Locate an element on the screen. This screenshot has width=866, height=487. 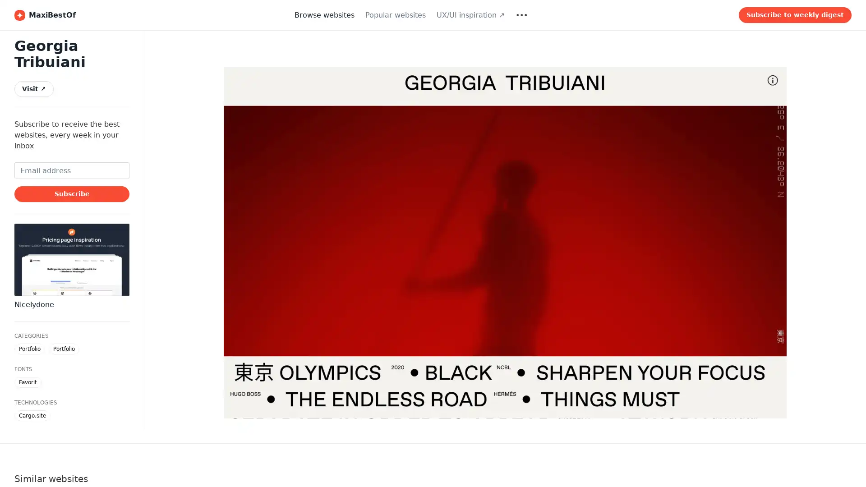
Subscribe is located at coordinates (71, 193).